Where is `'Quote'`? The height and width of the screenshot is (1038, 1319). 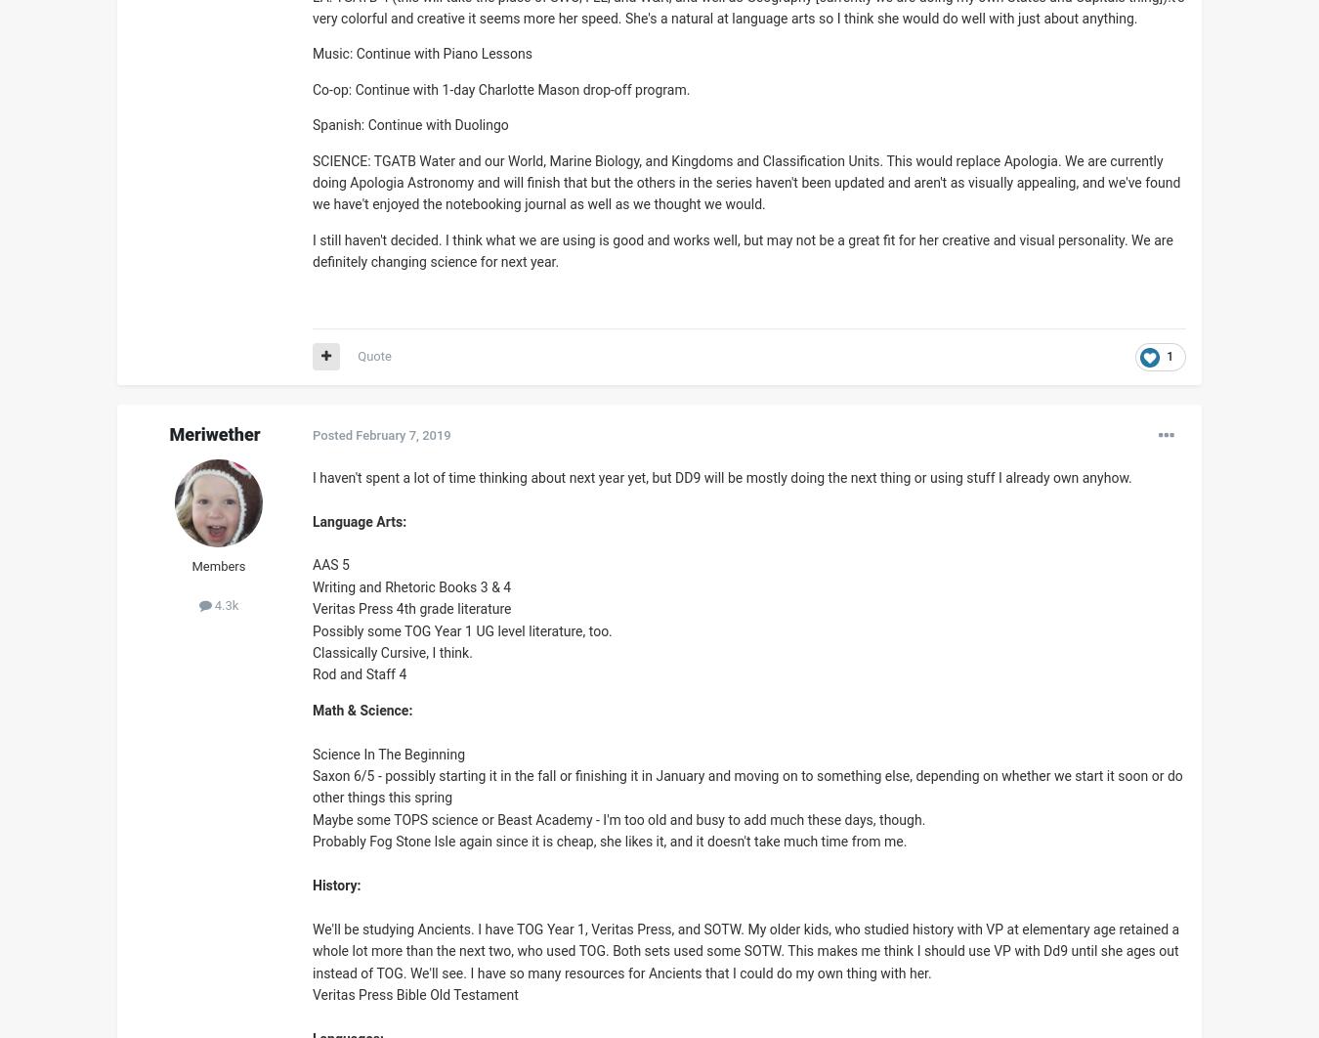 'Quote' is located at coordinates (373, 355).